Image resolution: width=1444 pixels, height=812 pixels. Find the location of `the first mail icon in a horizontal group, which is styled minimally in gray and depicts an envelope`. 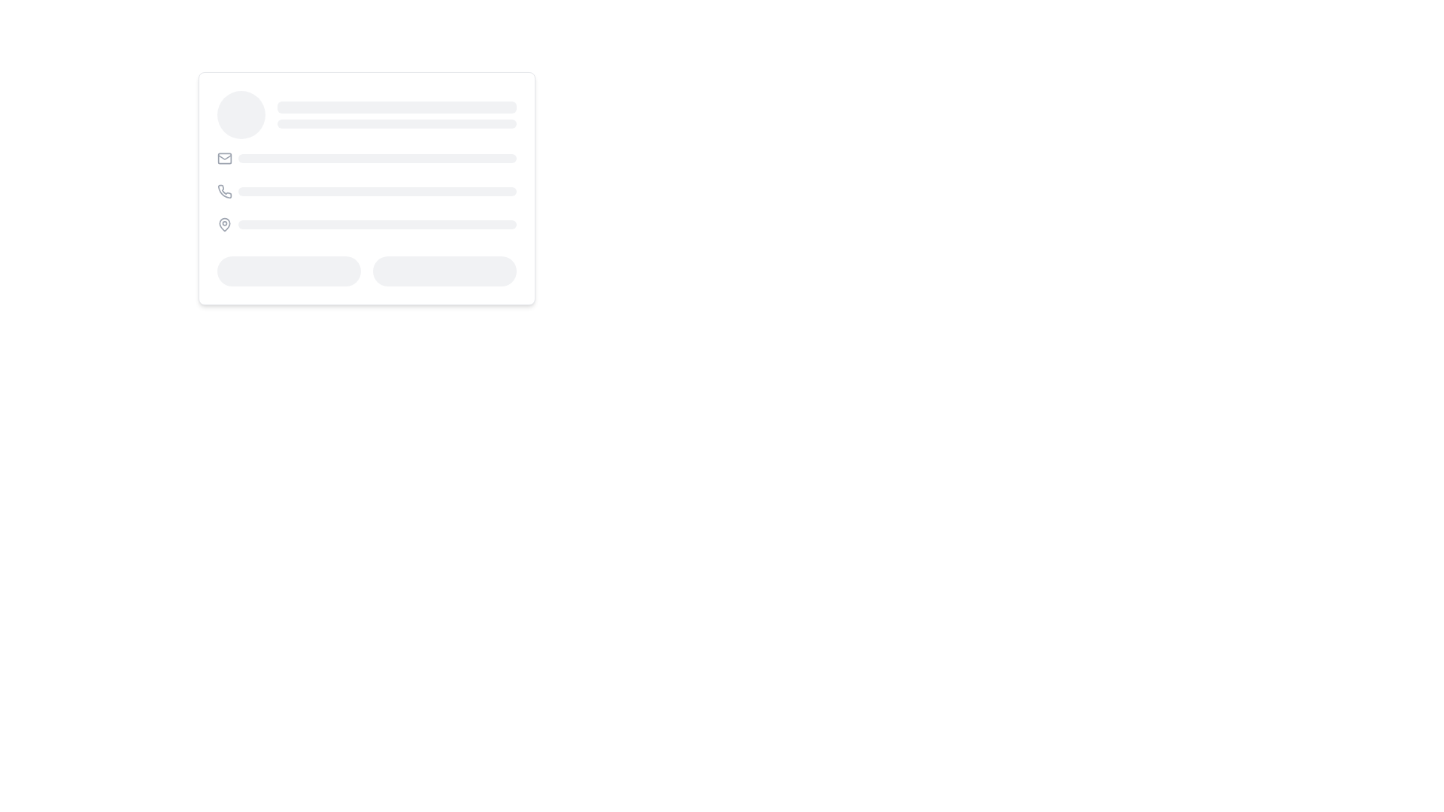

the first mail icon in a horizontal group, which is styled minimally in gray and depicts an envelope is located at coordinates (223, 159).